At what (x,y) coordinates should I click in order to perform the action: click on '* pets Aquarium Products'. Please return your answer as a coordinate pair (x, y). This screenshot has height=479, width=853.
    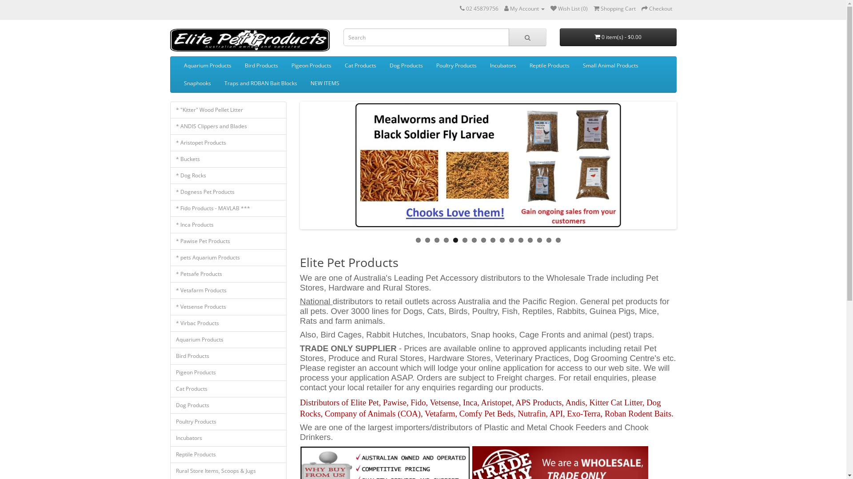
    Looking at the image, I should click on (228, 258).